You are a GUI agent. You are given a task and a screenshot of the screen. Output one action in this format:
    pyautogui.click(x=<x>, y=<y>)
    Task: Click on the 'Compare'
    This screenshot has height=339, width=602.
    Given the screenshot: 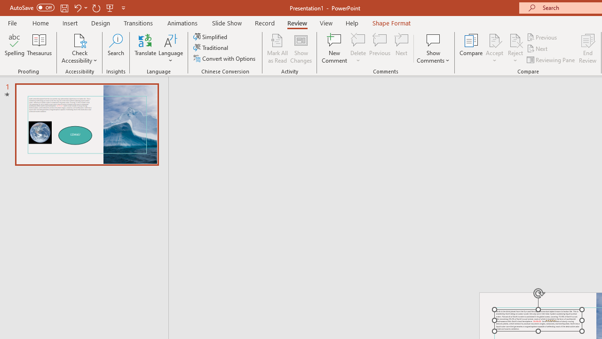 What is the action you would take?
    pyautogui.click(x=471, y=48)
    